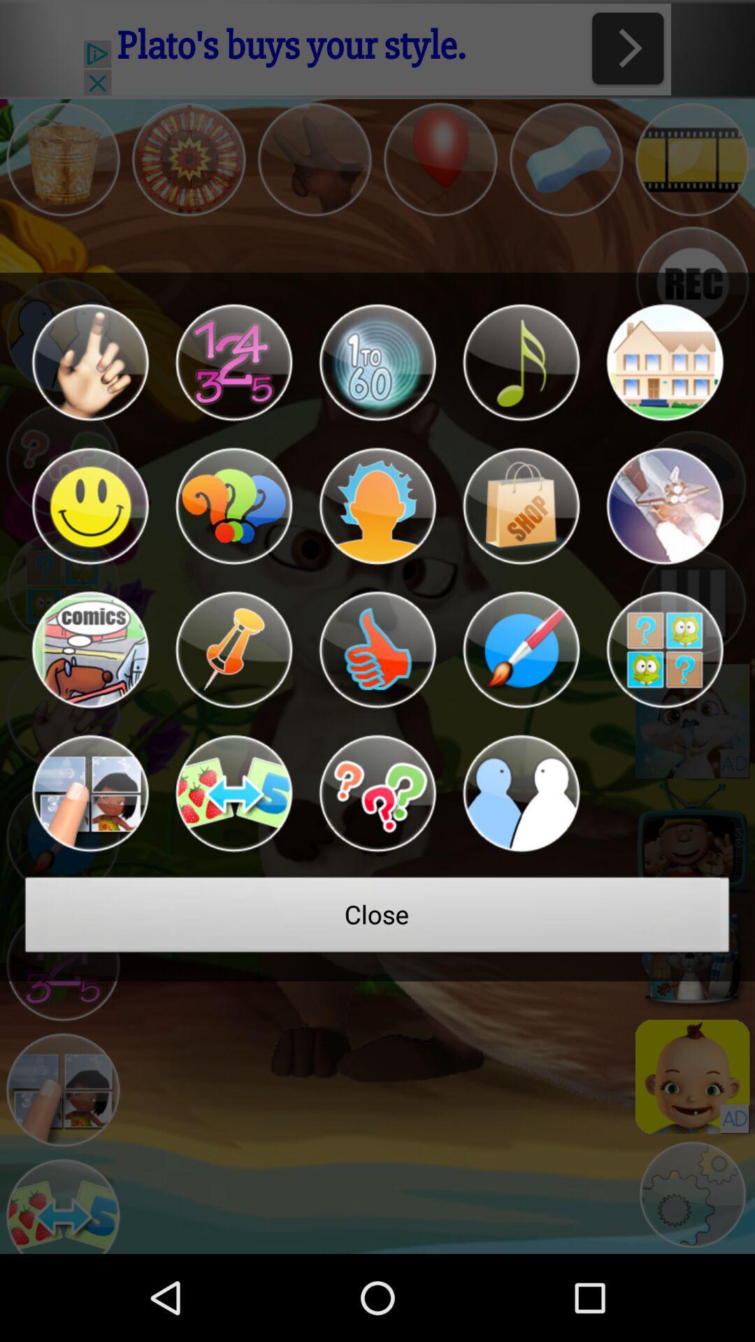 The width and height of the screenshot is (755, 1342). What do you see at coordinates (89, 362) in the screenshot?
I see `an avatar` at bounding box center [89, 362].